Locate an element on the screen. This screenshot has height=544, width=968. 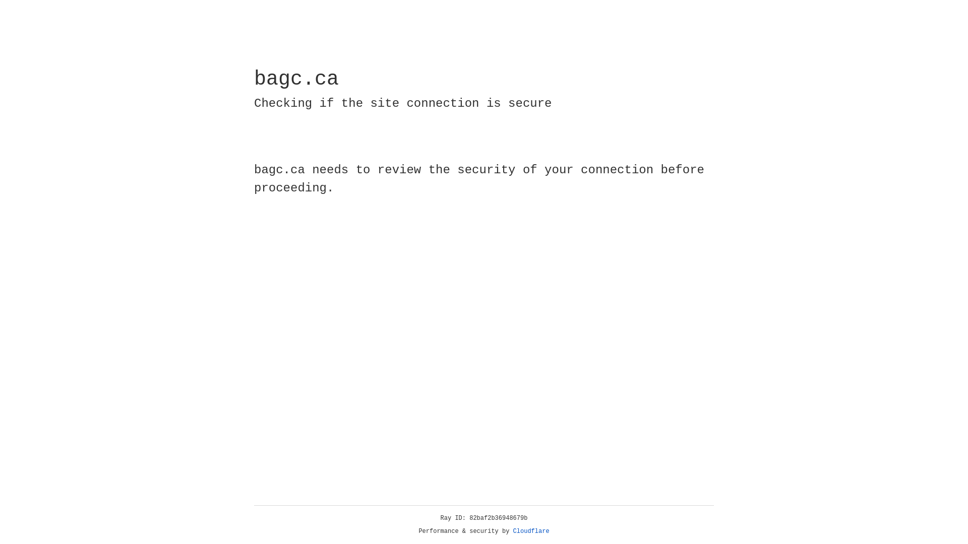
'Cloudflare' is located at coordinates (531, 531).